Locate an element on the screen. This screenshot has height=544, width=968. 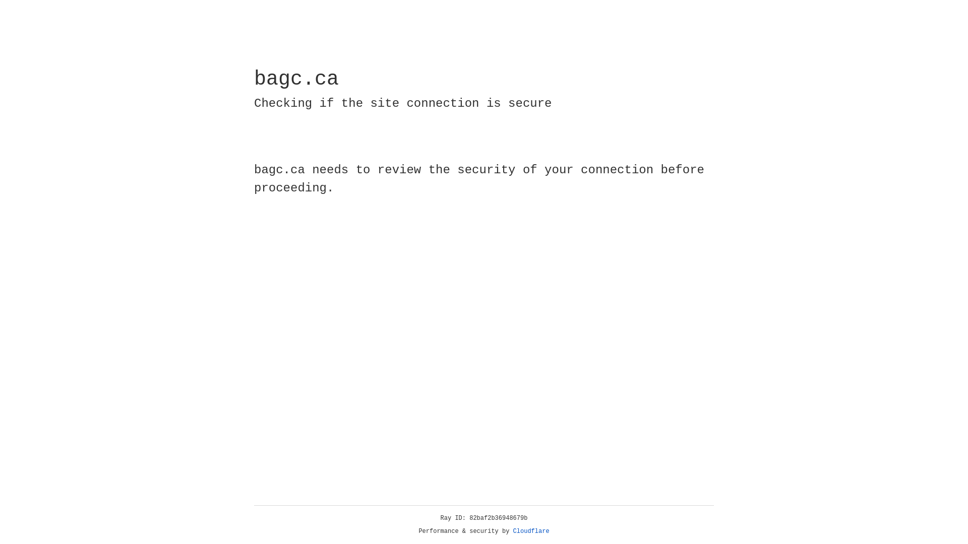
'Cloudflare' is located at coordinates (531, 531).